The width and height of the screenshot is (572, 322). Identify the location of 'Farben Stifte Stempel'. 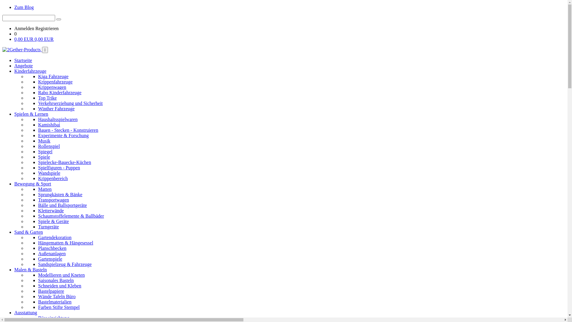
(38, 307).